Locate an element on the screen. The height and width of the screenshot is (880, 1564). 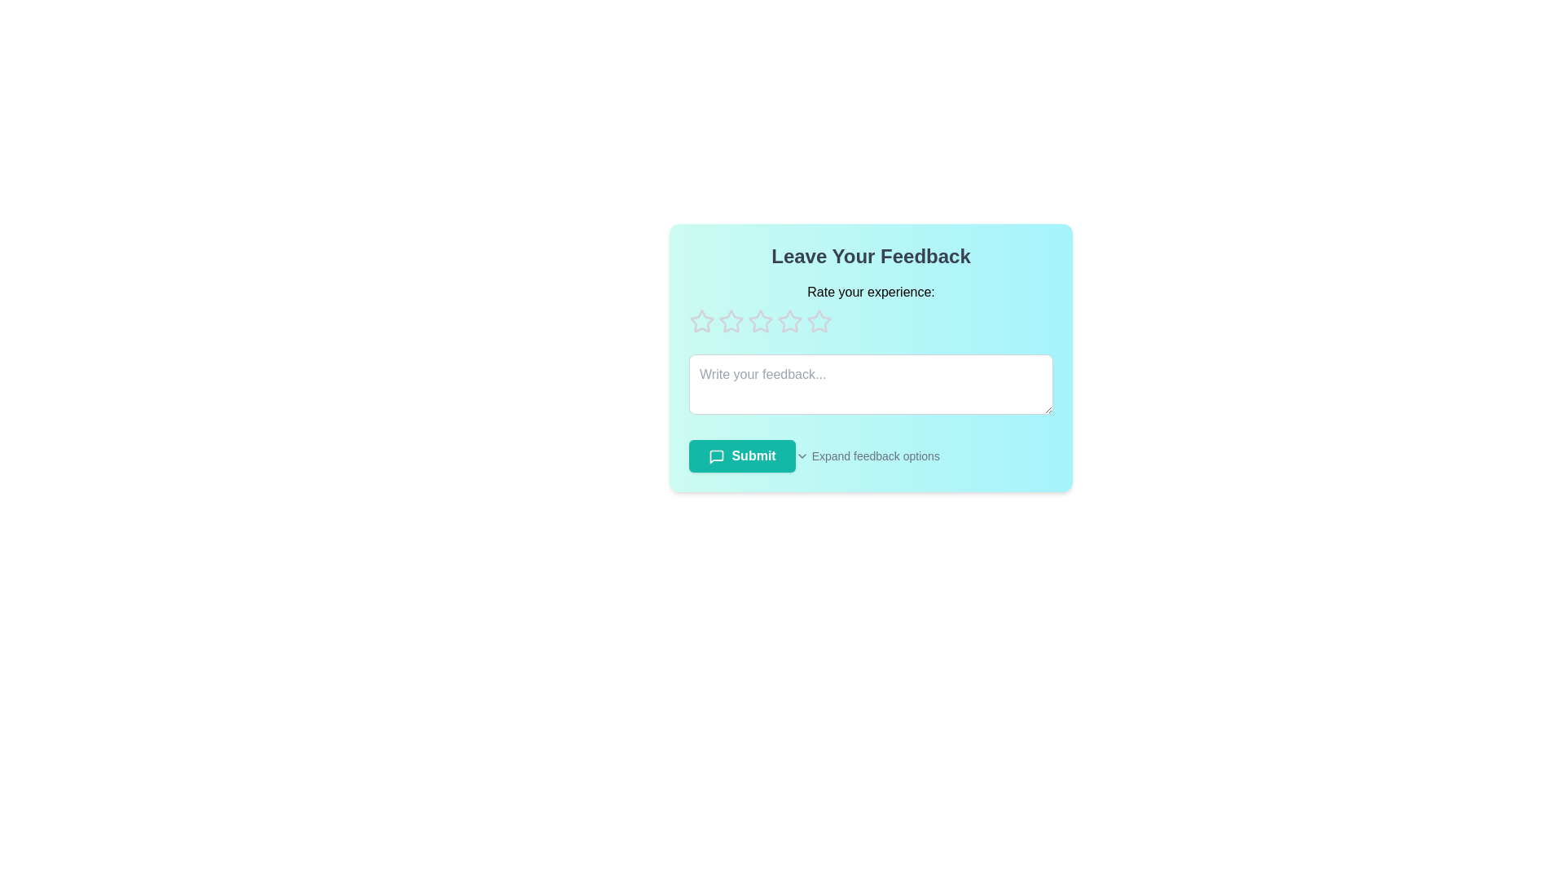
the Dropdown trigger (chevron icon) located near the bottom right of the feedback form, to the immediate left of the text 'Expand feedback options' is located at coordinates (802, 455).